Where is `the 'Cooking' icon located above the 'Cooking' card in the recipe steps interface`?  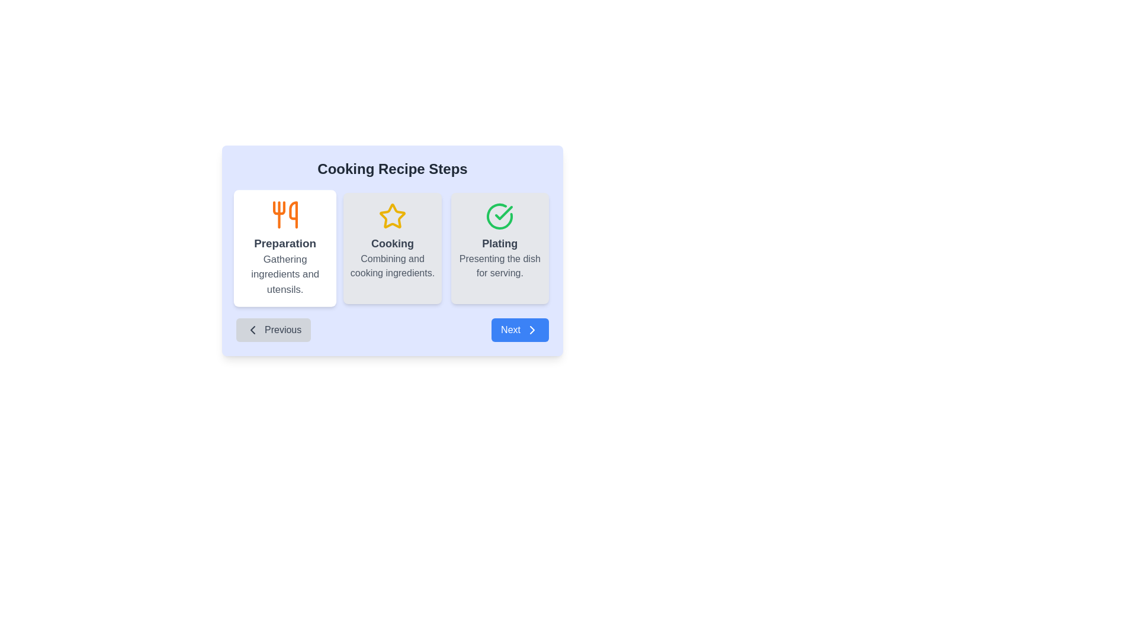 the 'Cooking' icon located above the 'Cooking' card in the recipe steps interface is located at coordinates (392, 216).